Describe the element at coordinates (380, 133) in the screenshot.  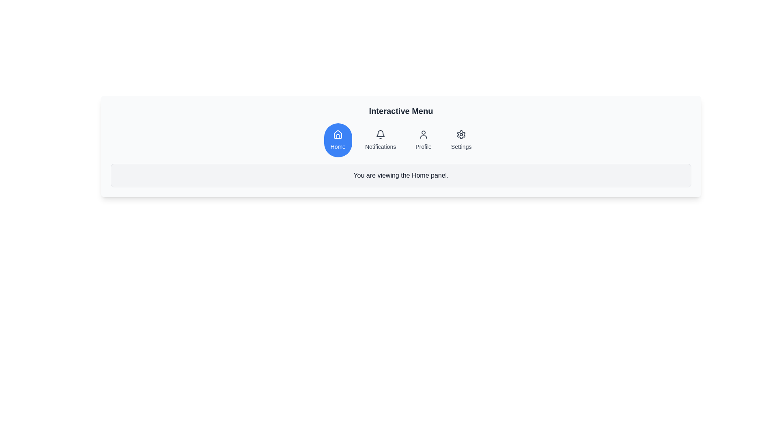
I see `the notifications icon, which is the second icon in the navigation menu` at that location.